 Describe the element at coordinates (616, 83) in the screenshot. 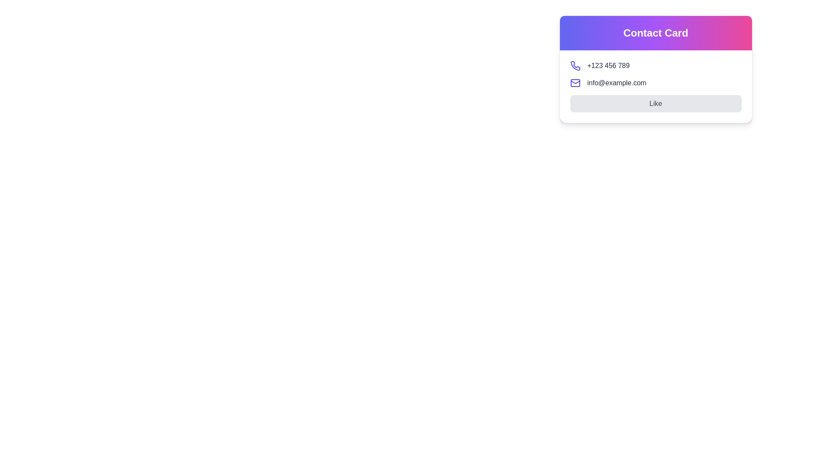

I see `the text label displaying the email address 'info@example.com'` at that location.